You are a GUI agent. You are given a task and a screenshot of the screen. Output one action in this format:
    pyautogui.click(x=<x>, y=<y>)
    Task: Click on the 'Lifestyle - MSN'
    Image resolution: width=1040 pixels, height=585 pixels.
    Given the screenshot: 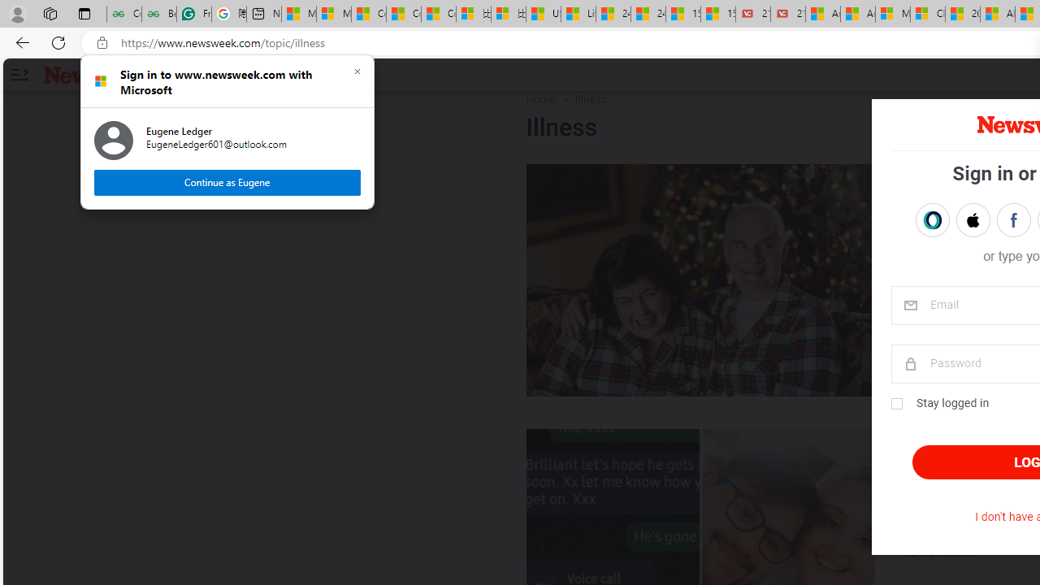 What is the action you would take?
    pyautogui.click(x=578, y=14)
    